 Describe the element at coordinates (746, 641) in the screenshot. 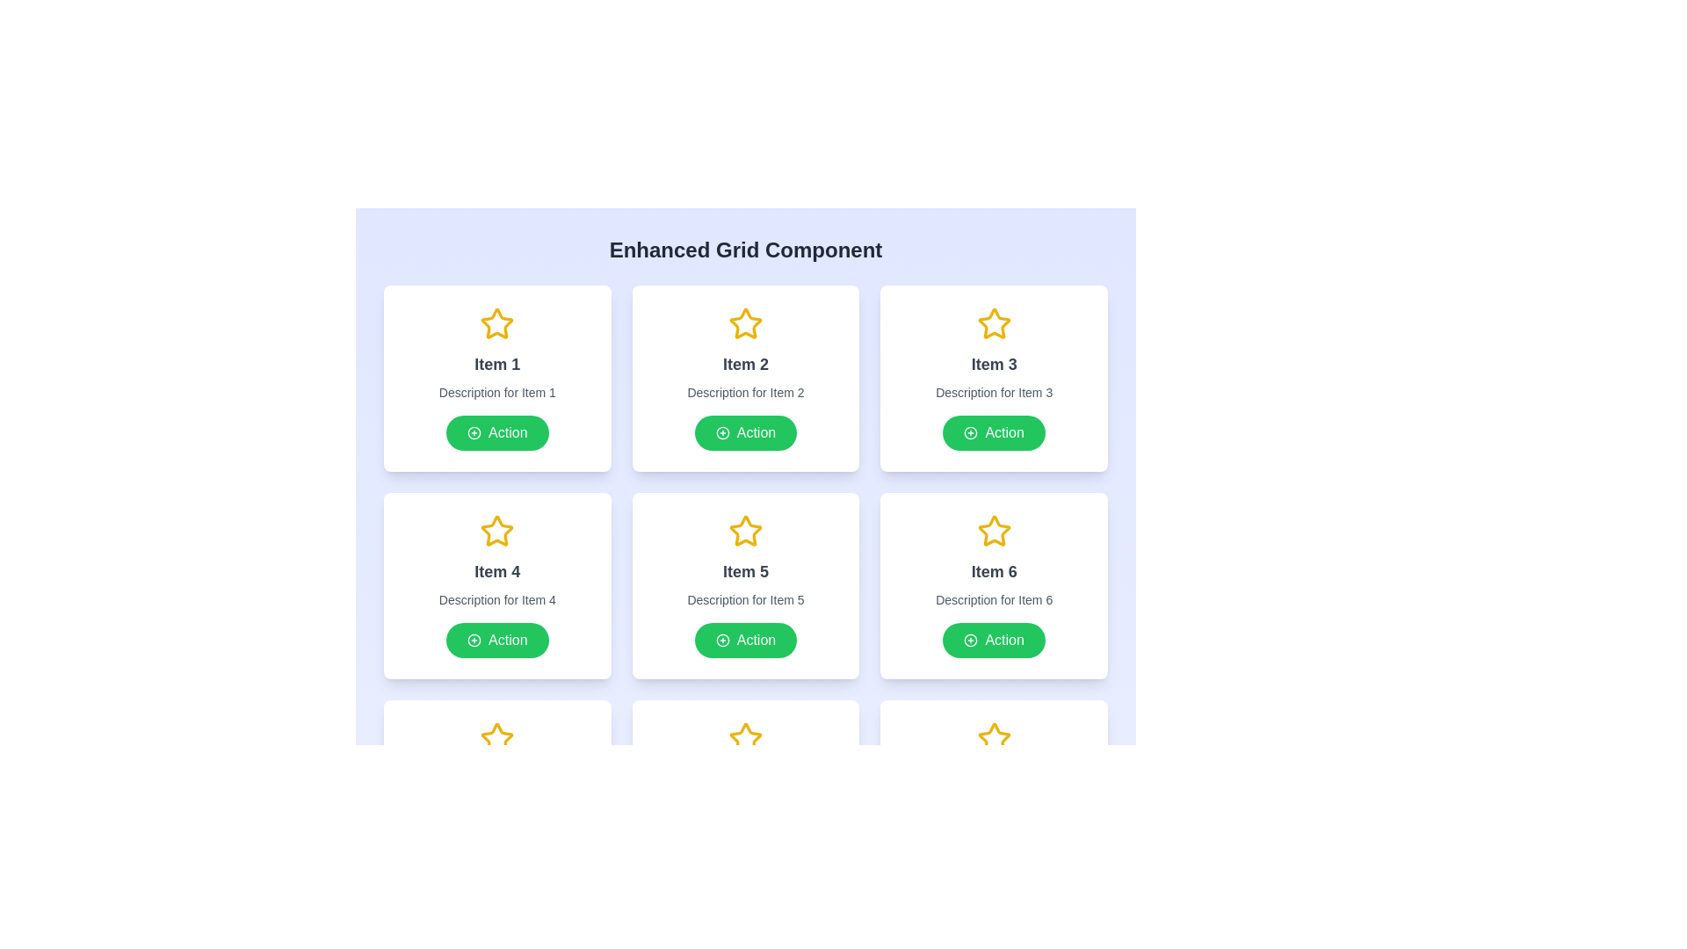

I see `the green button labeled 'Action' with a circular plus icon, located within the 'Item 5' card` at that location.